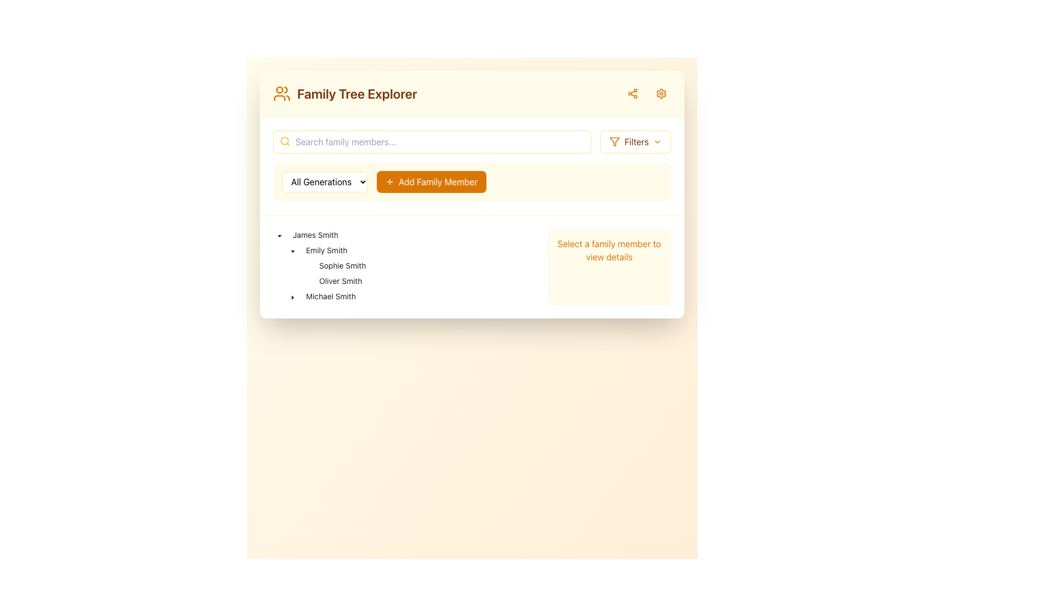 The height and width of the screenshot is (592, 1053). I want to click on the Tree node item displaying the name 'Sophie Smith', which is positioned beneath 'Emily Smith', so click(342, 266).